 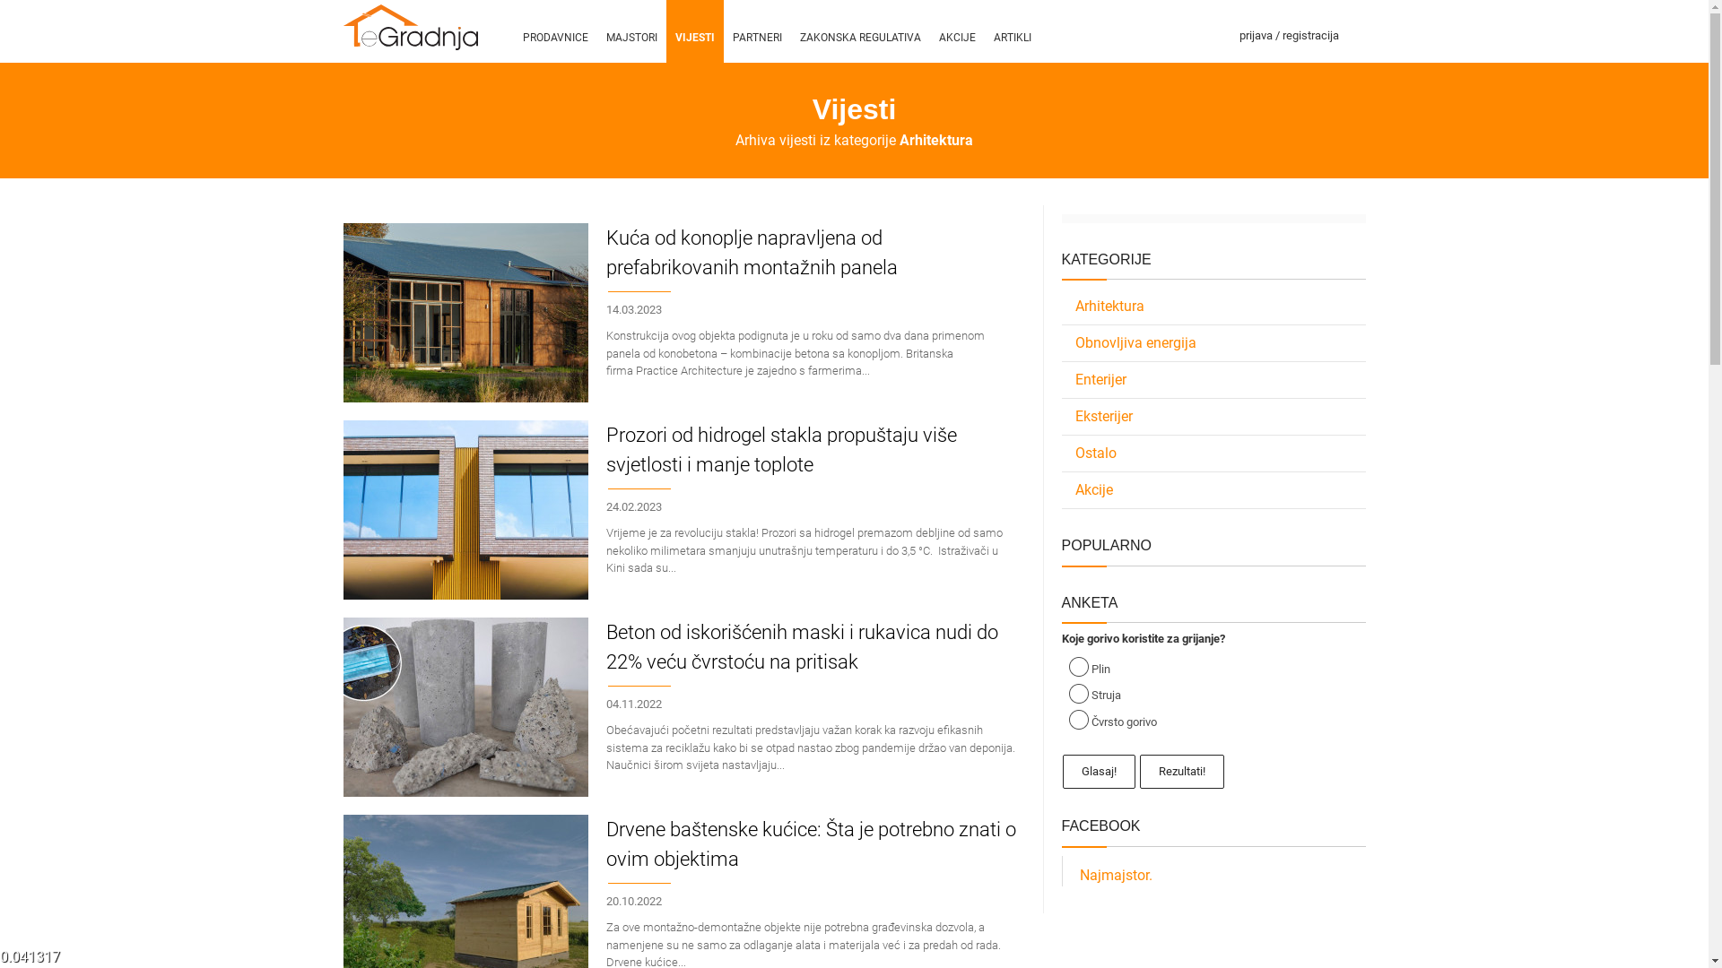 I want to click on 'Rezultati!', so click(x=1182, y=770).